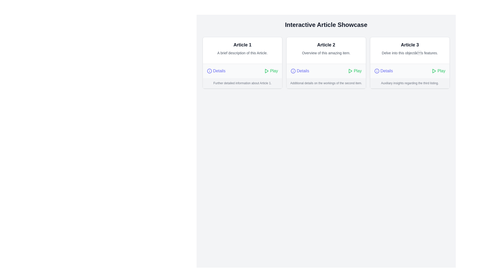 The height and width of the screenshot is (274, 487). Describe the element at coordinates (410, 53) in the screenshot. I see `the static text located in the third card from the left, positioned beneath the heading 'Article 3'` at that location.